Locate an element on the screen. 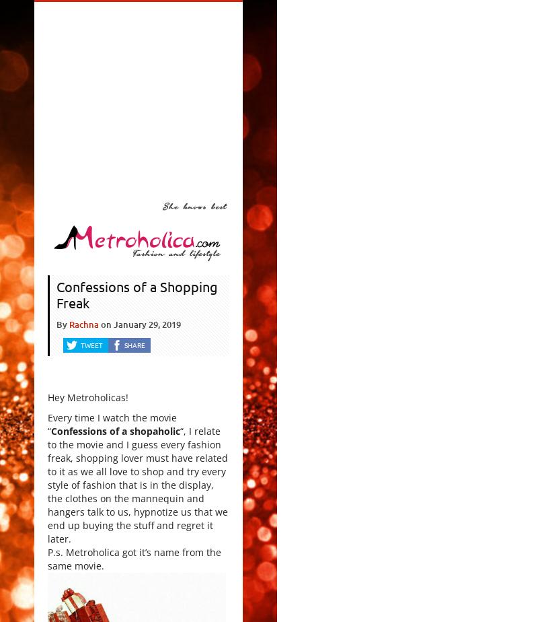 This screenshot has width=542, height=622. 'Share' is located at coordinates (134, 345).